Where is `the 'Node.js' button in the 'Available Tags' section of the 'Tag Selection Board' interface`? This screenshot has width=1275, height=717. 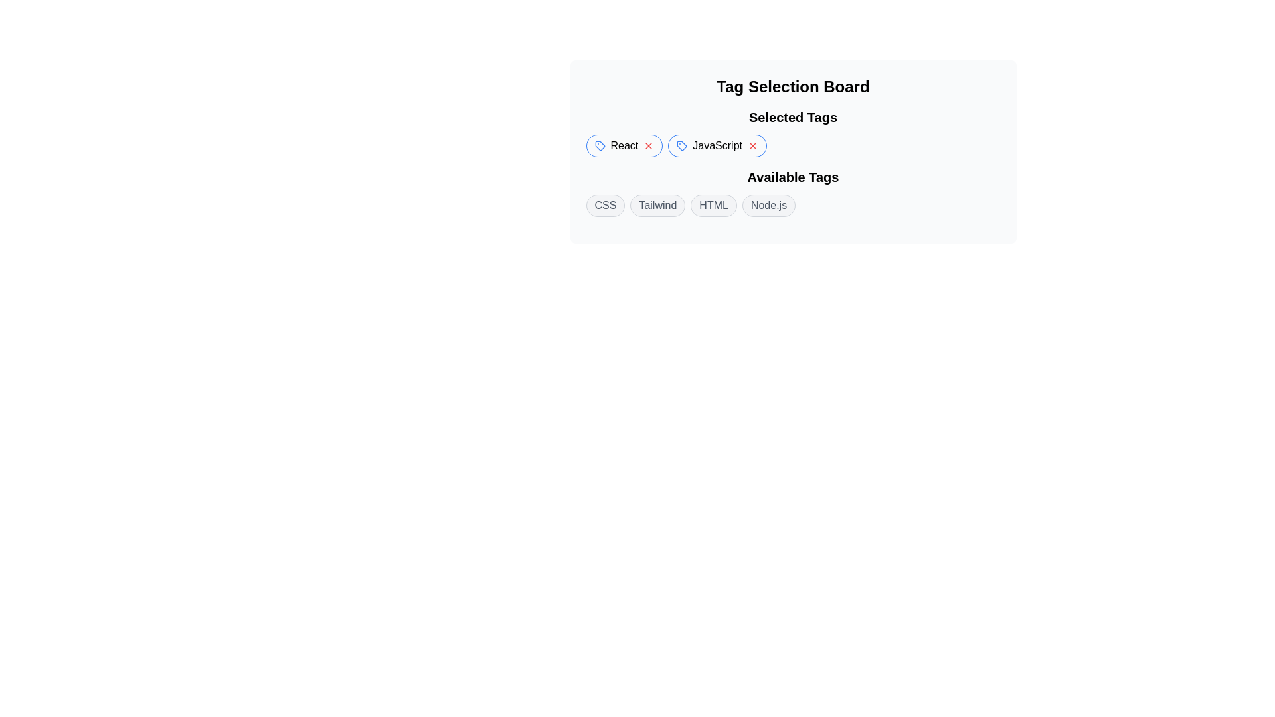 the 'Node.js' button in the 'Available Tags' section of the 'Tag Selection Board' interface is located at coordinates (768, 205).